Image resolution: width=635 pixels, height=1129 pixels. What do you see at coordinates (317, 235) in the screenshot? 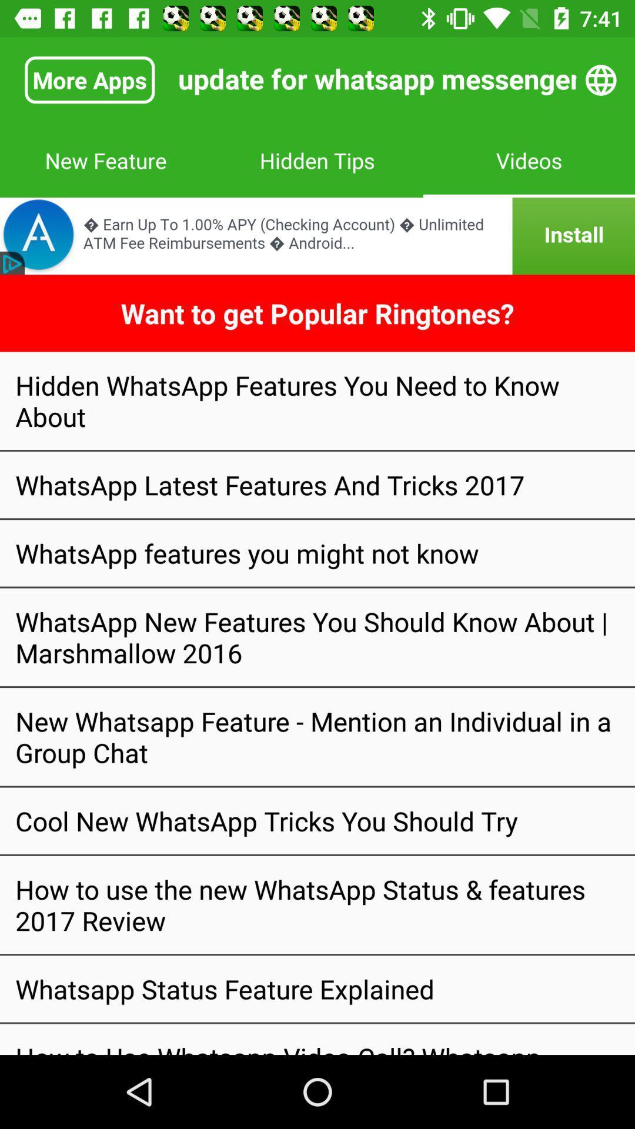
I see `bank advertisement` at bounding box center [317, 235].